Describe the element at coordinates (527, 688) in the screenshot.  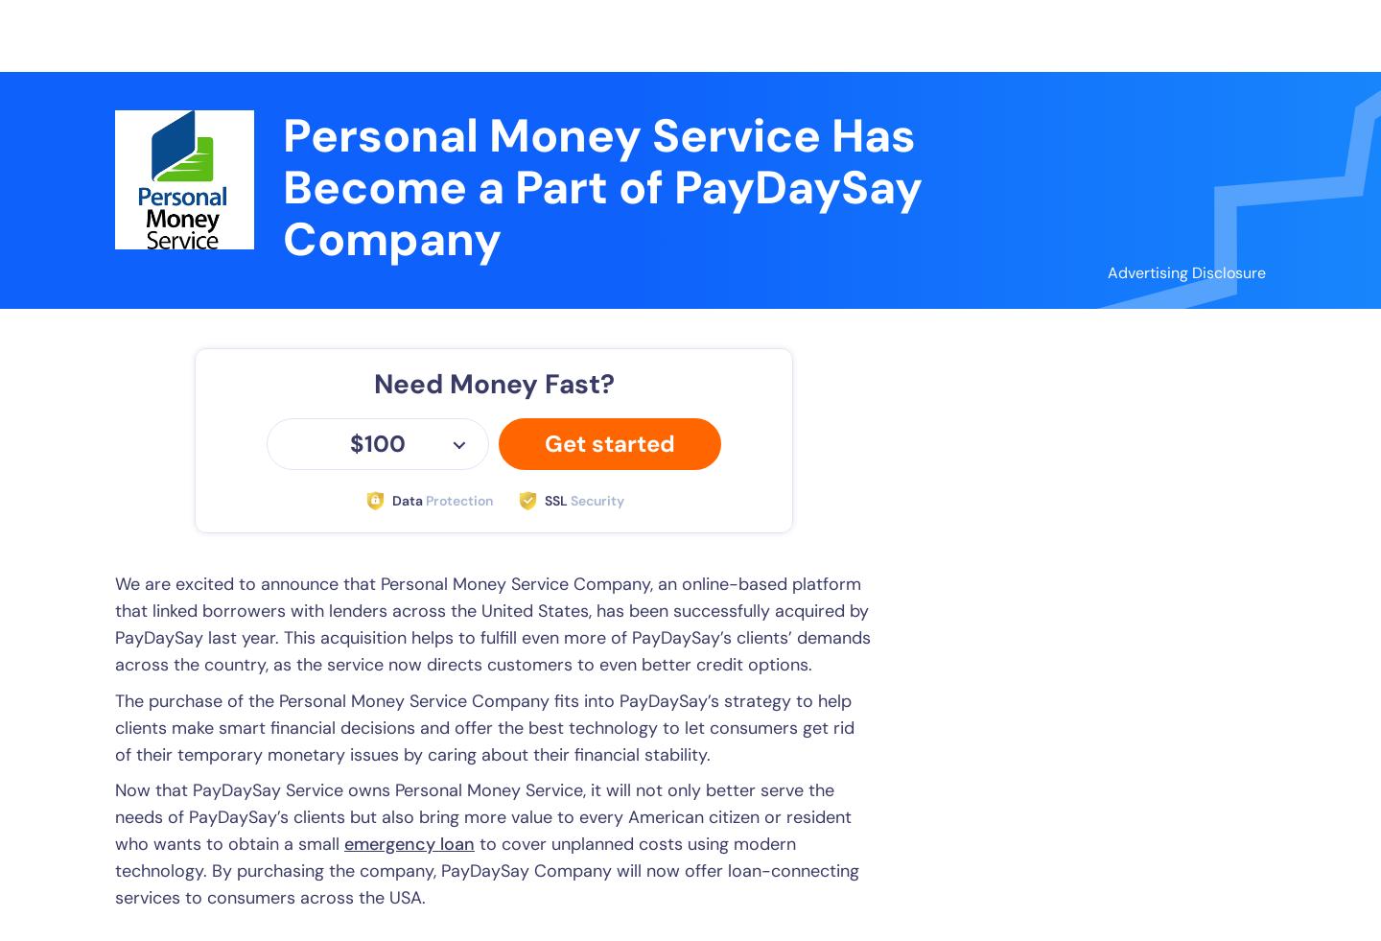
I see `'$5000'` at that location.